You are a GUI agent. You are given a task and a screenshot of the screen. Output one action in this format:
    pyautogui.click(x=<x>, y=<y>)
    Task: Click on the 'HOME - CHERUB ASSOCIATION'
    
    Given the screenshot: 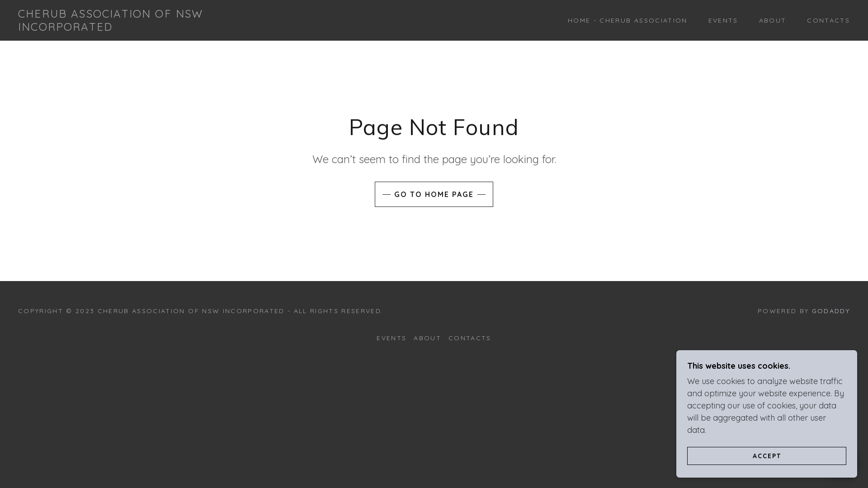 What is the action you would take?
    pyautogui.click(x=624, y=20)
    